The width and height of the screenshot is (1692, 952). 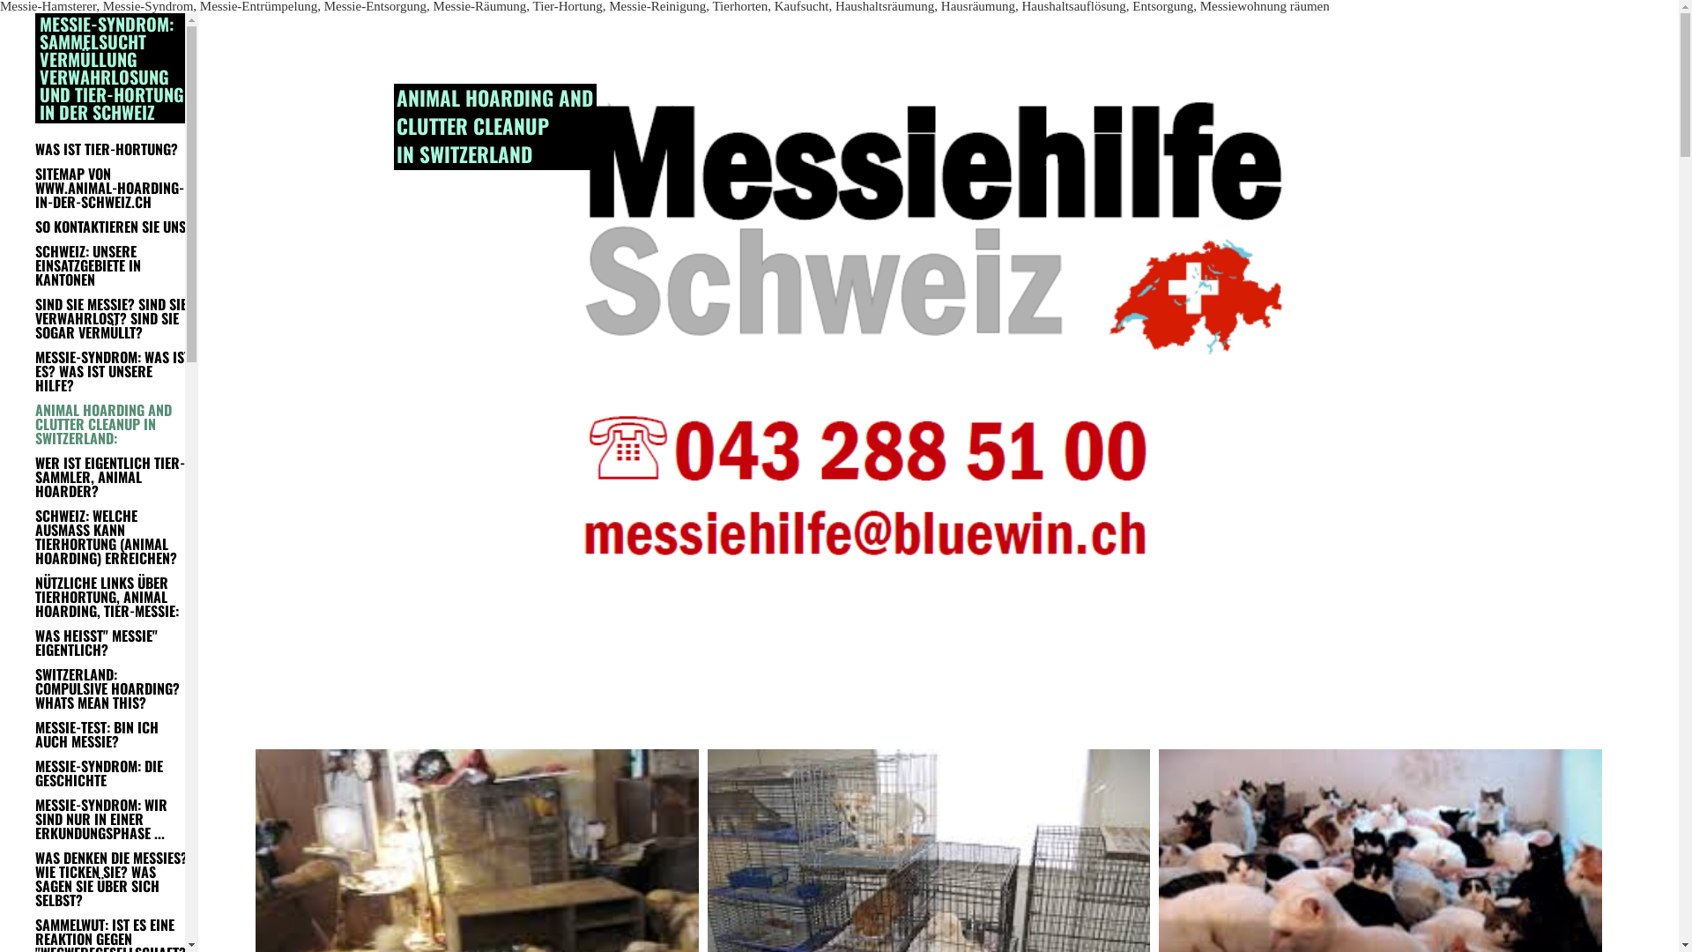 I want to click on 'SITEMAP VON WWW.ANIMAL-HOARDING-IN-DER-SCHWEIZ.CH', so click(x=112, y=187).